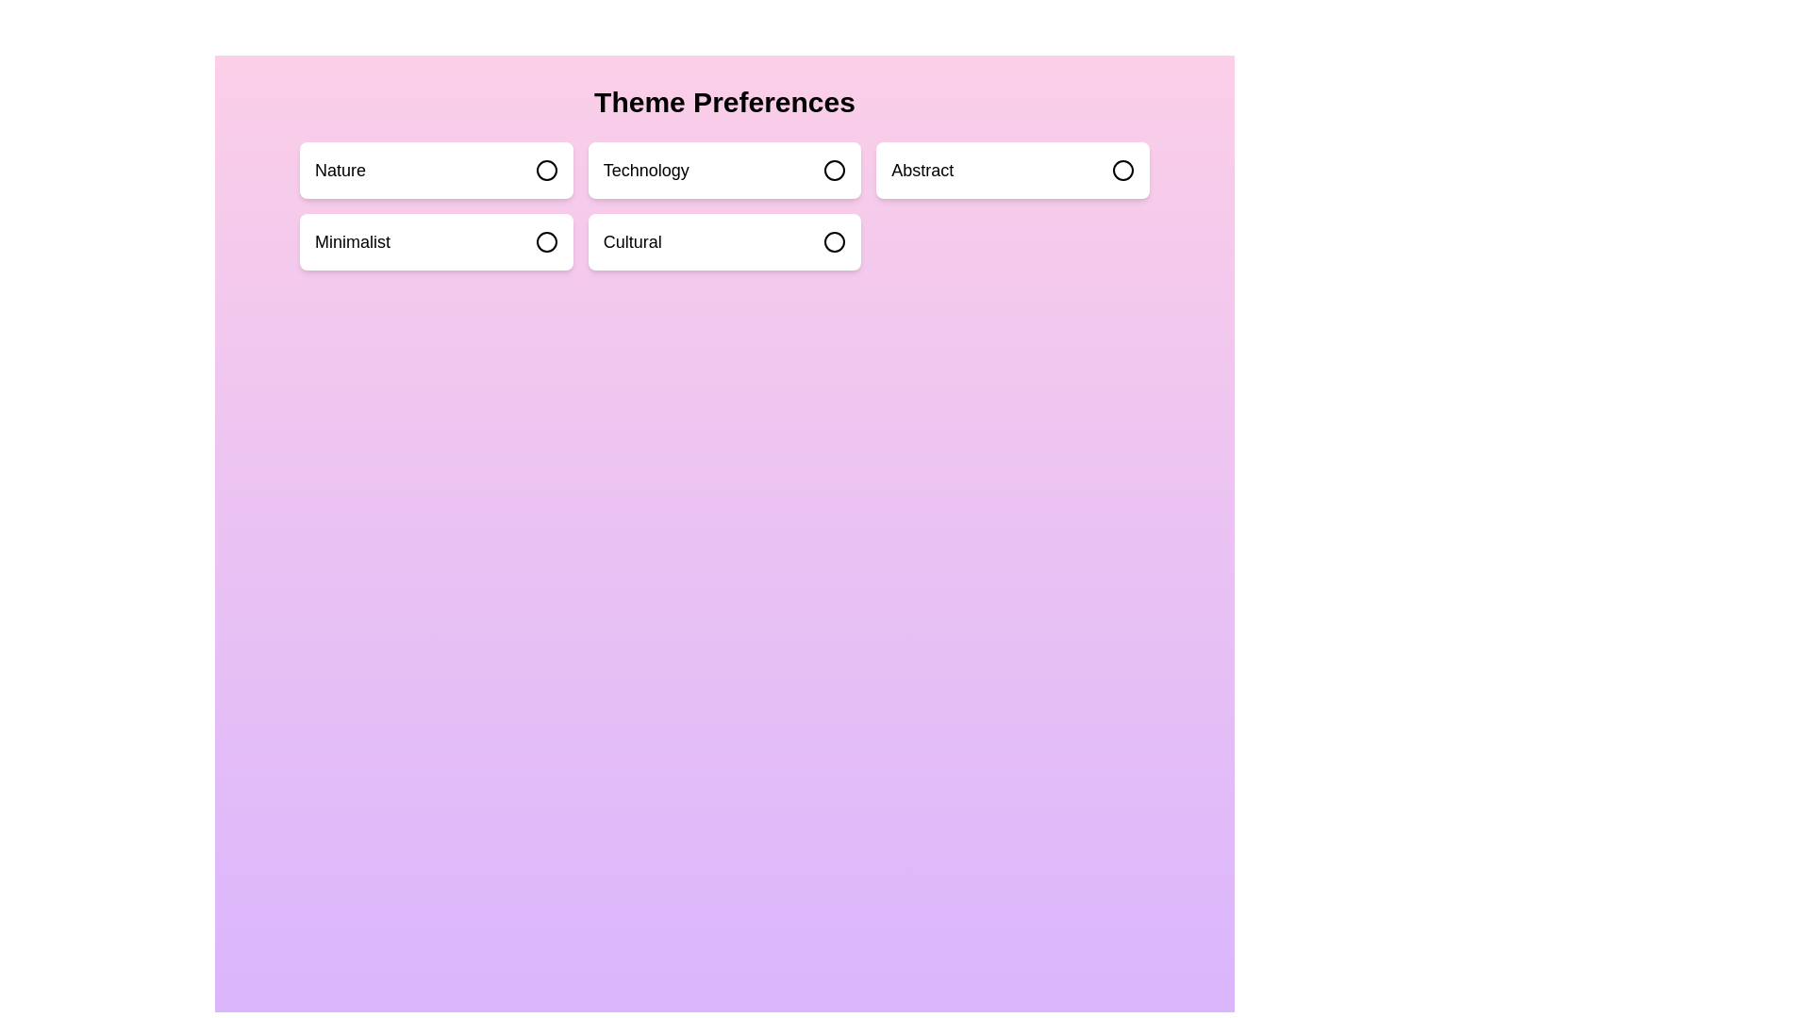 The image size is (1811, 1018). What do you see at coordinates (723, 241) in the screenshot?
I see `the theme Cultural` at bounding box center [723, 241].